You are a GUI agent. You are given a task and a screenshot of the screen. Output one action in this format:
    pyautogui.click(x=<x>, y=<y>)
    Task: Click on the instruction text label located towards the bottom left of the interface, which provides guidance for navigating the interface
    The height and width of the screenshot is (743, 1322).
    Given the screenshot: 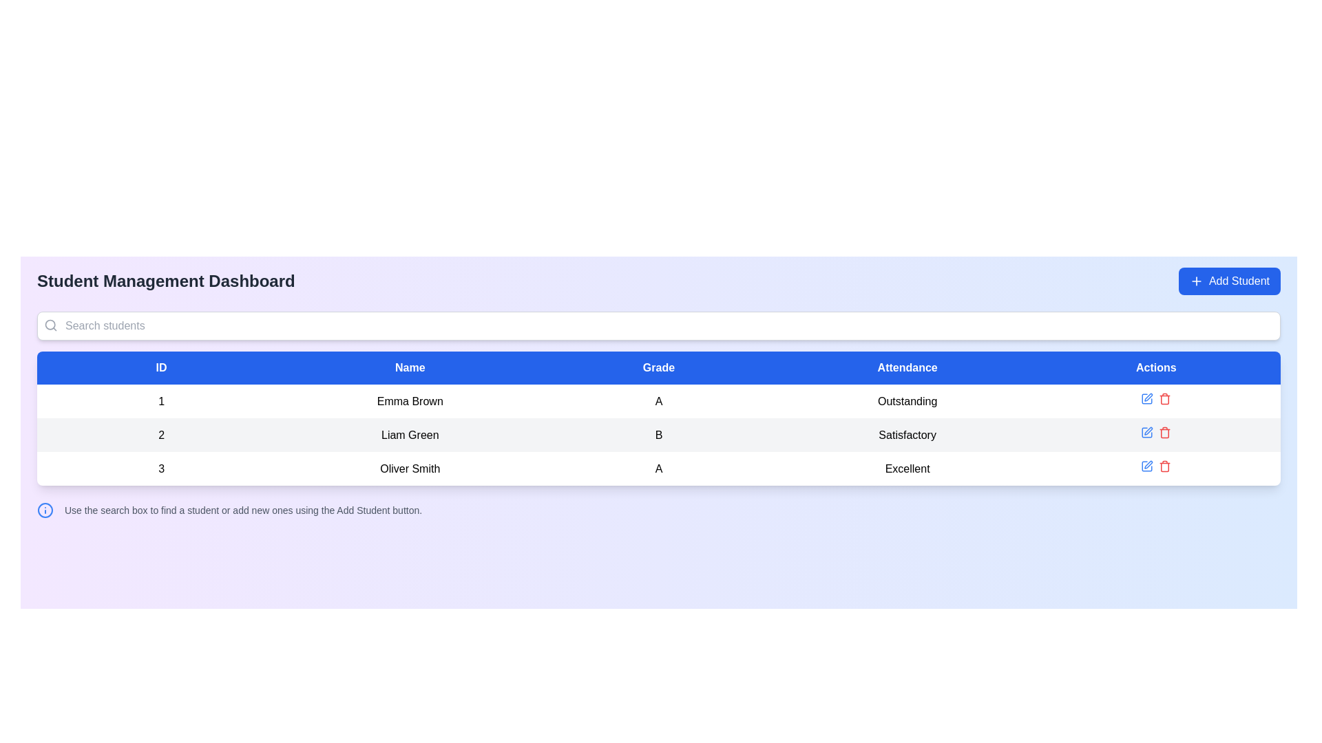 What is the action you would take?
    pyautogui.click(x=243, y=510)
    